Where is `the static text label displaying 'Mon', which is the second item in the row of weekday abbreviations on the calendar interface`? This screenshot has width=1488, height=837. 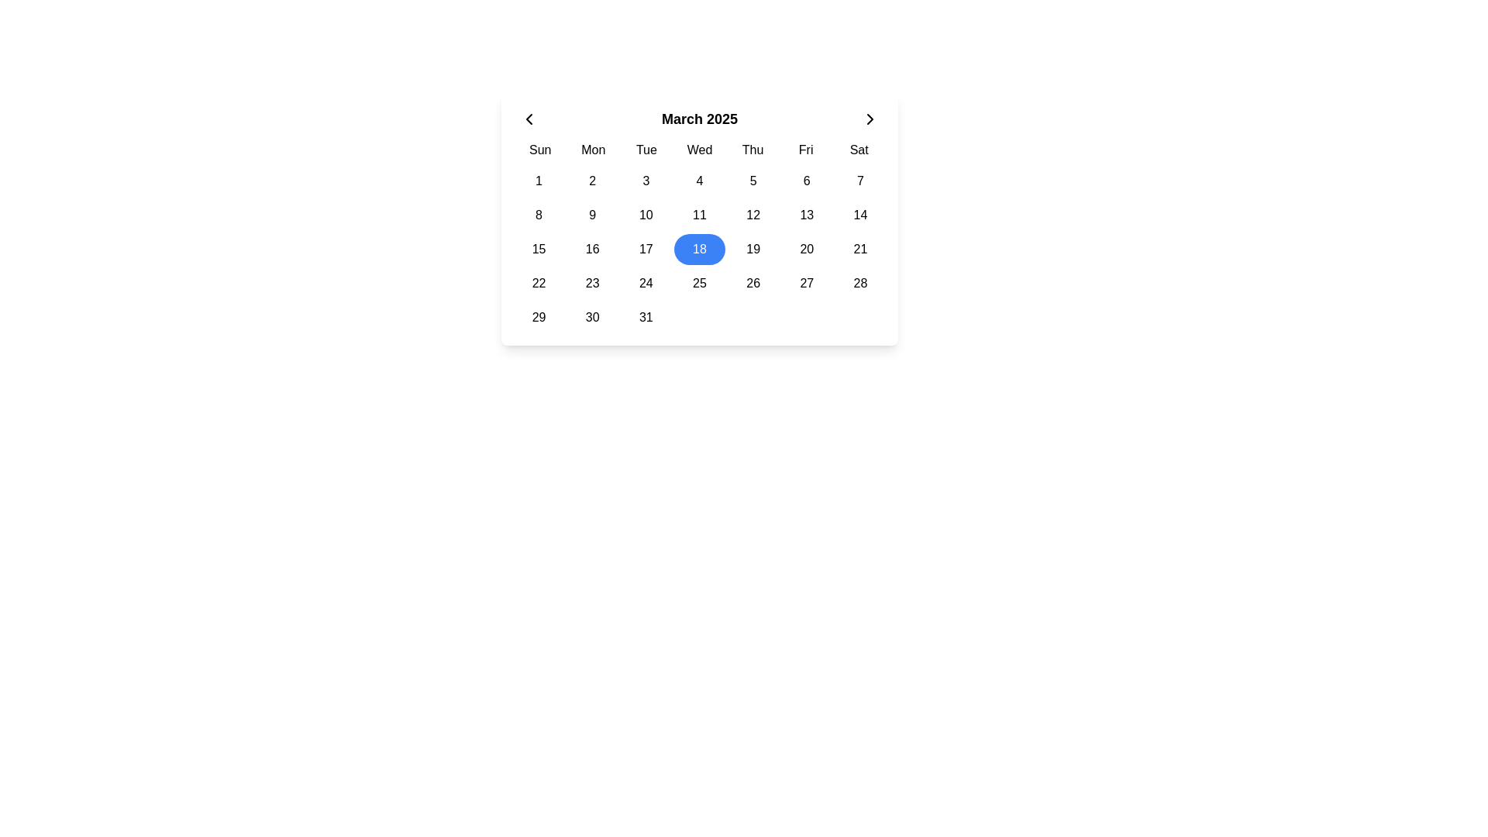 the static text label displaying 'Mon', which is the second item in the row of weekday abbreviations on the calendar interface is located at coordinates (592, 150).